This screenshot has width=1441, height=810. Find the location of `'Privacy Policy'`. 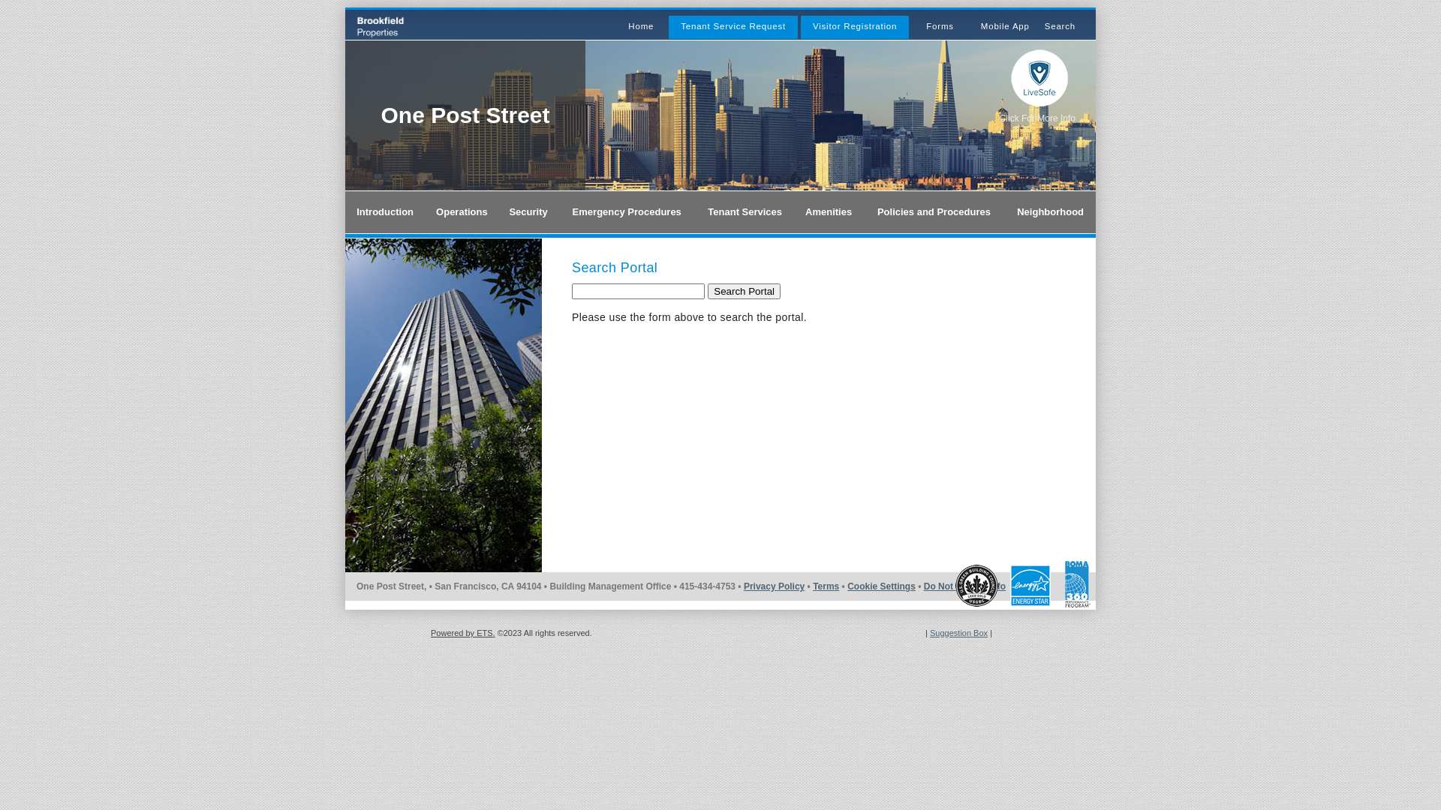

'Privacy Policy' is located at coordinates (743, 586).